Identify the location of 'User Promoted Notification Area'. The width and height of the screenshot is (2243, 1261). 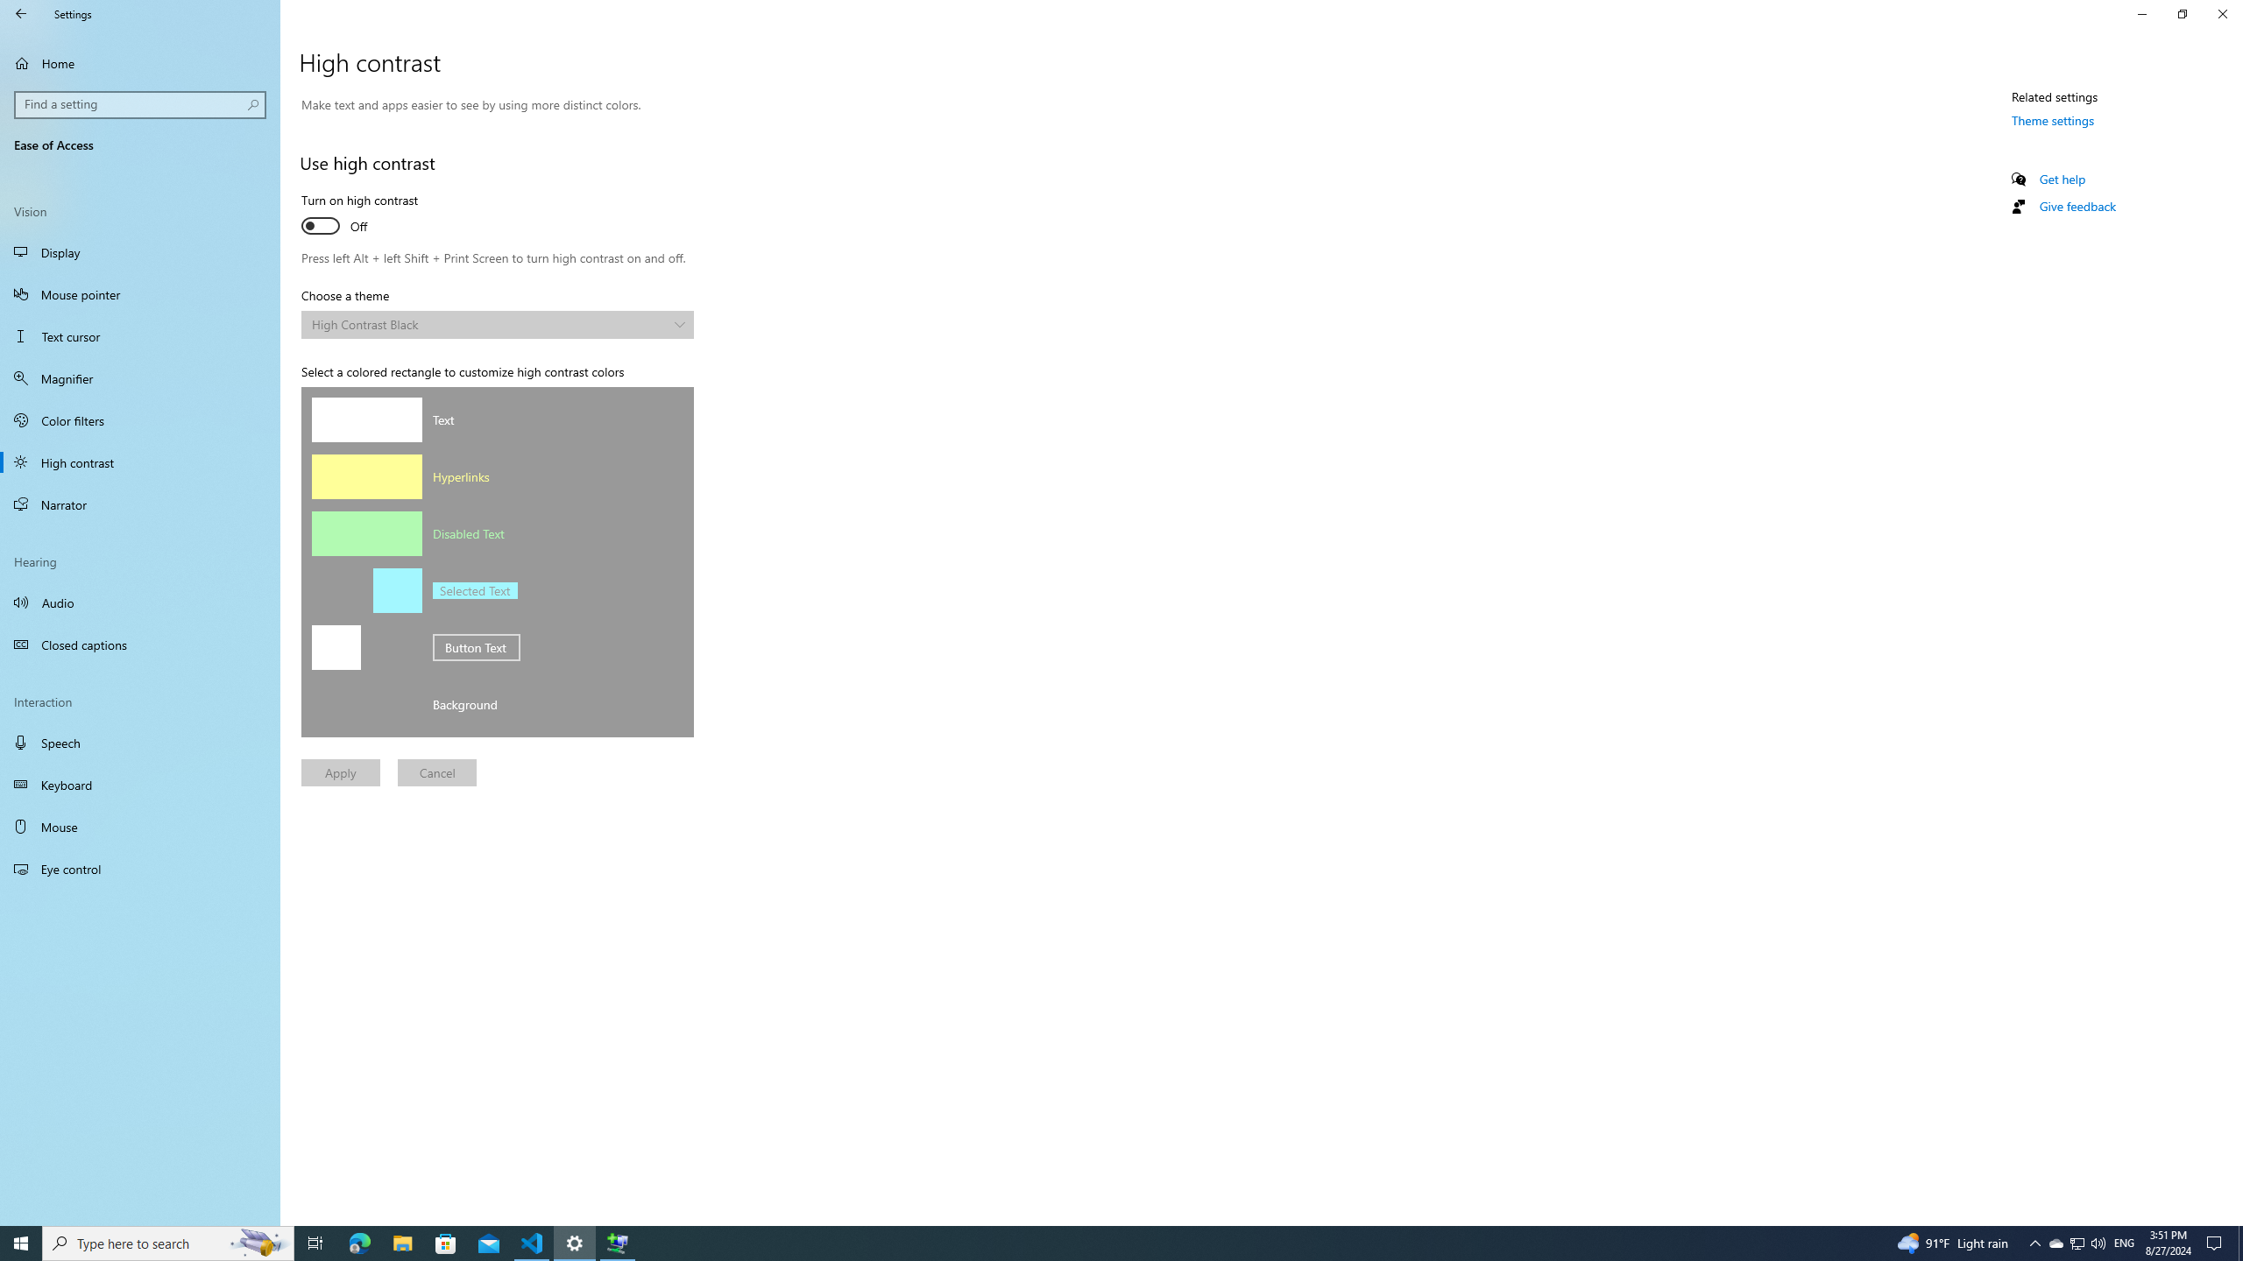
(2076, 1242).